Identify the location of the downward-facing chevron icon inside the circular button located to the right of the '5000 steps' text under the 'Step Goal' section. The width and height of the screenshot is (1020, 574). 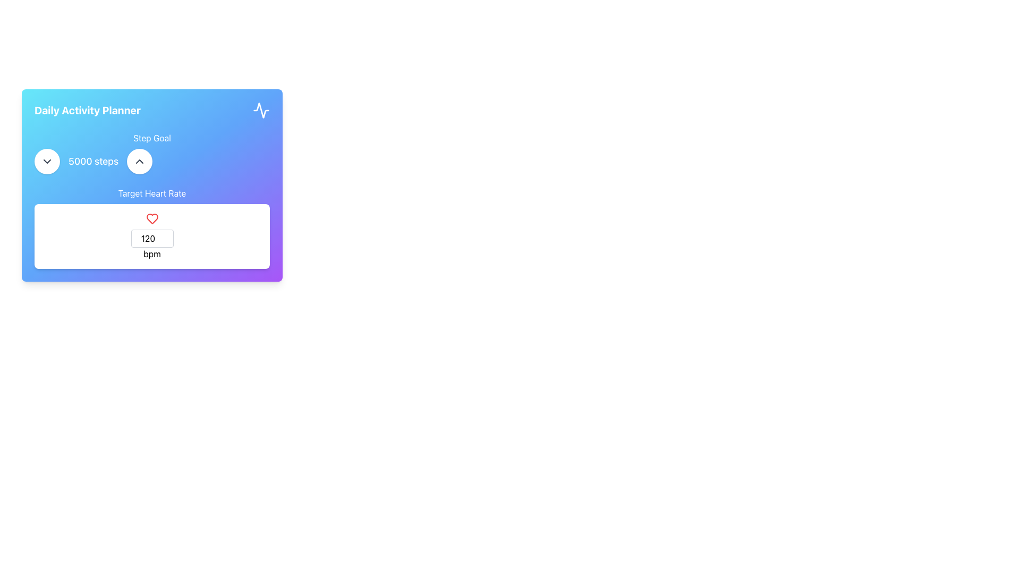
(47, 162).